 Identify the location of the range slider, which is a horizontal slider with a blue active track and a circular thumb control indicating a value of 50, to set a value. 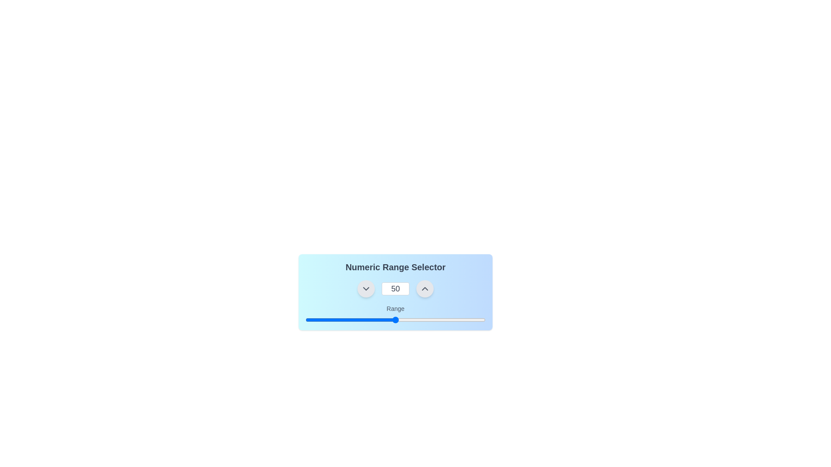
(395, 320).